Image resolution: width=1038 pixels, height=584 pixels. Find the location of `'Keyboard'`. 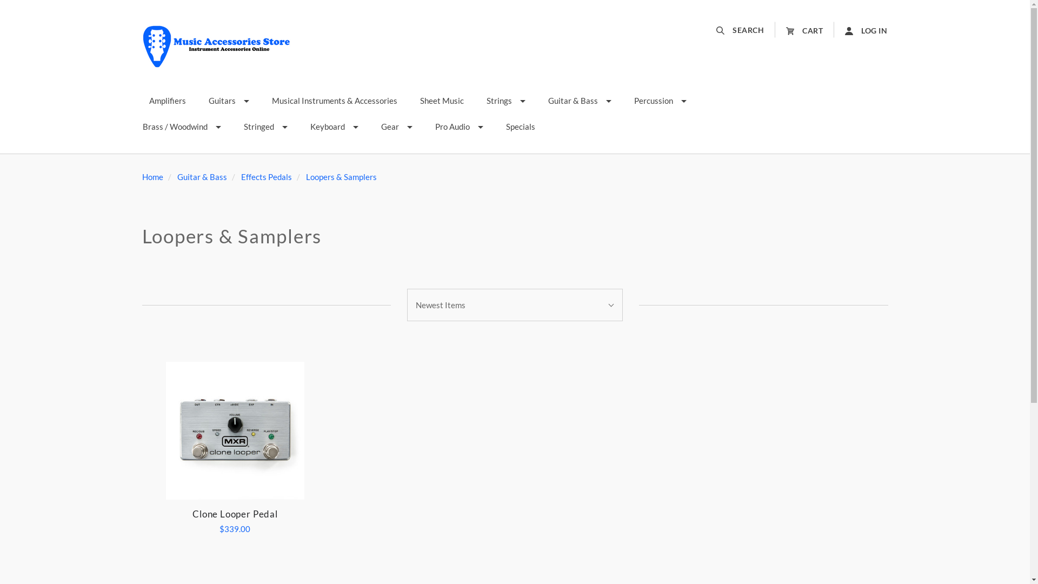

'Keyboard' is located at coordinates (333, 127).